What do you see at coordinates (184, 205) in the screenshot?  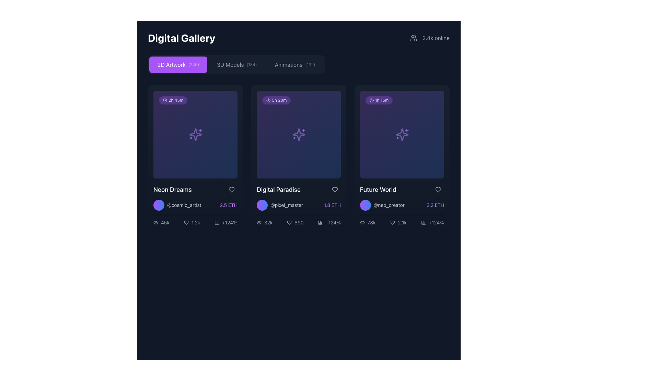 I see `the text label '@cosmic_artist'` at bounding box center [184, 205].